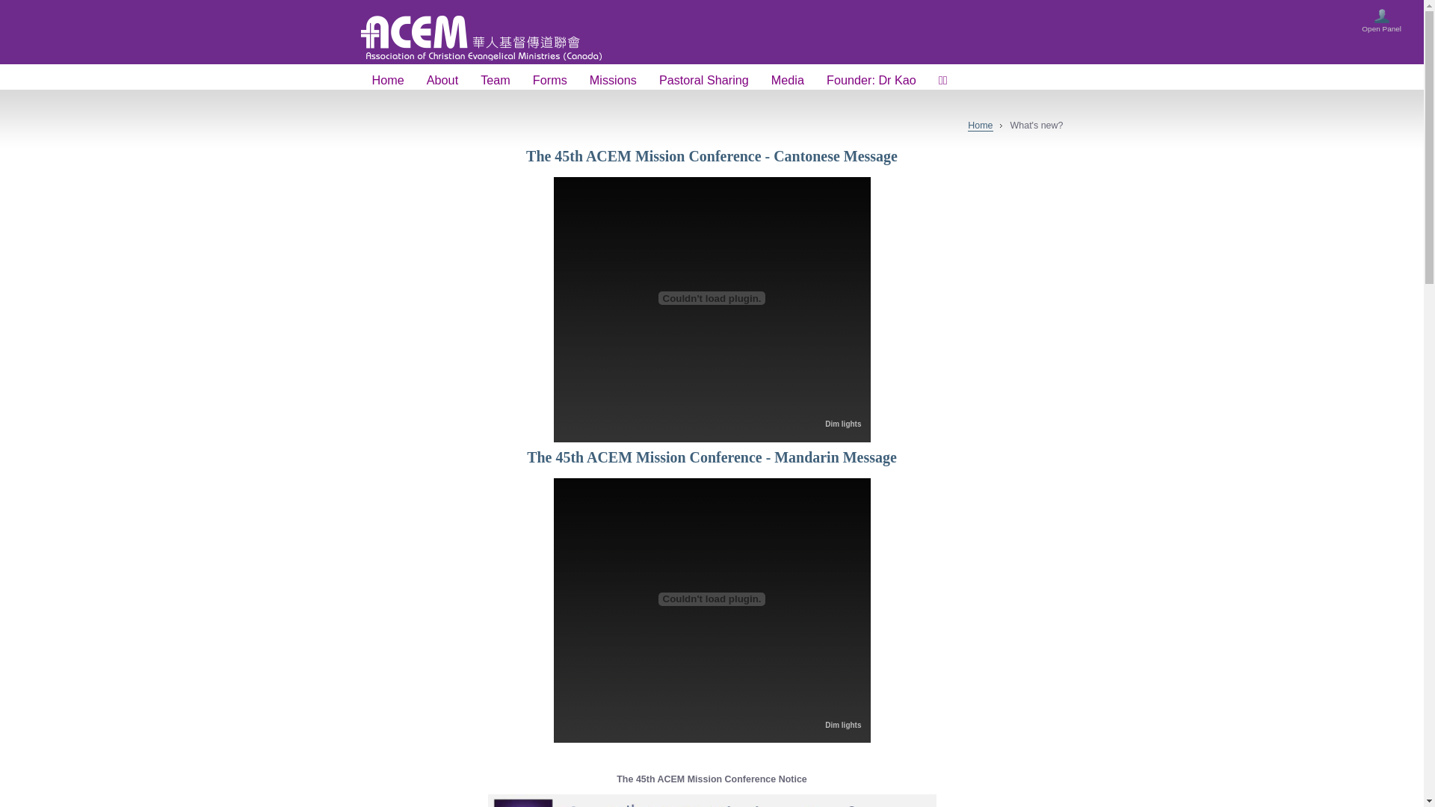  I want to click on 'Dim lights', so click(843, 724).